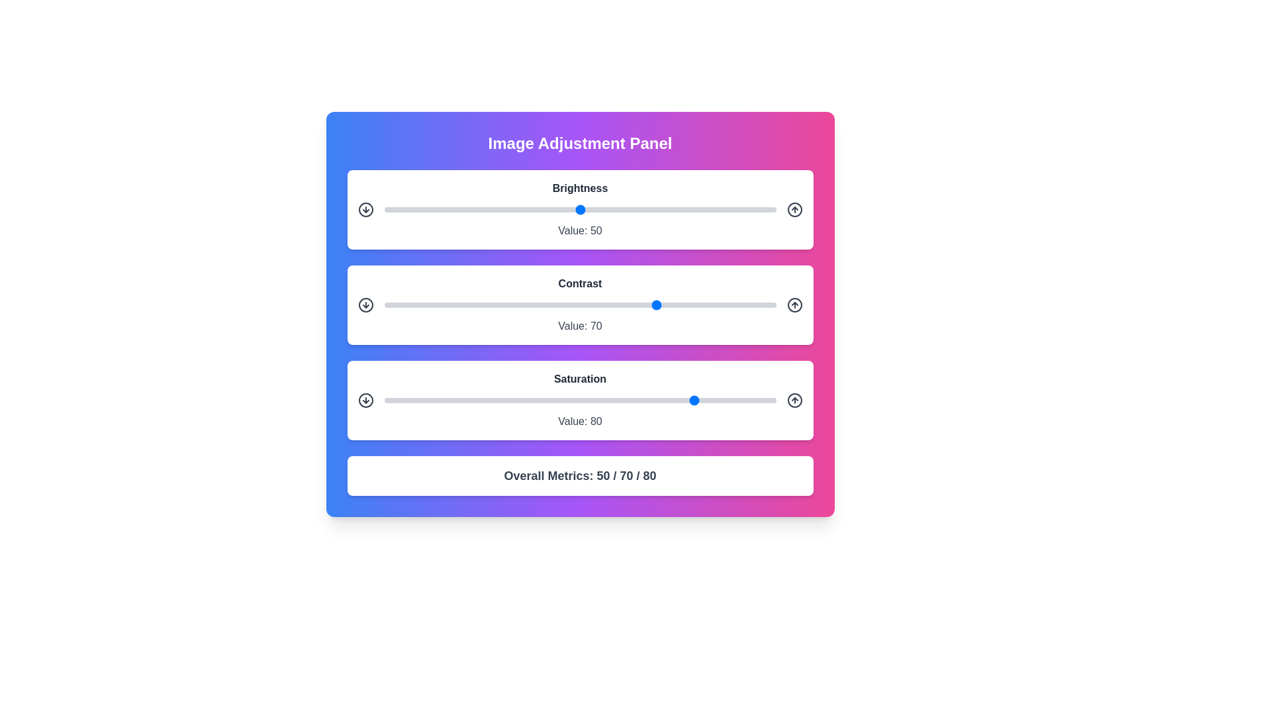 The height and width of the screenshot is (715, 1271). Describe the element at coordinates (365, 400) in the screenshot. I see `the downwards arrow icon in the Saturation adjustment panel` at that location.